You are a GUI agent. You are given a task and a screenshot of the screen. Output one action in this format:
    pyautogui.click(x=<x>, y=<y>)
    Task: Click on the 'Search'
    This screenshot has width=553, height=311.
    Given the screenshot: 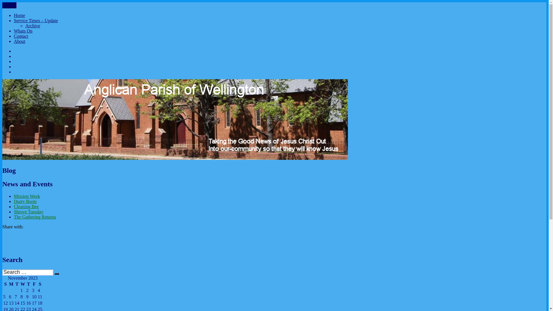 What is the action you would take?
    pyautogui.click(x=54, y=274)
    